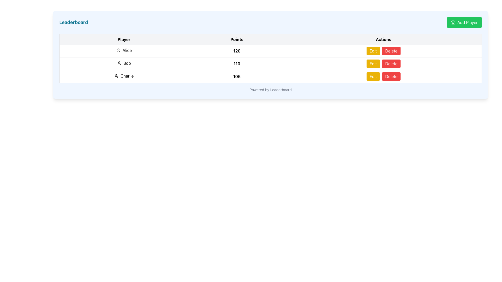 The width and height of the screenshot is (502, 282). Describe the element at coordinates (373, 77) in the screenshot. I see `the edit button located in the 'Actions' column of the third row in the table to initiate the edit action` at that location.